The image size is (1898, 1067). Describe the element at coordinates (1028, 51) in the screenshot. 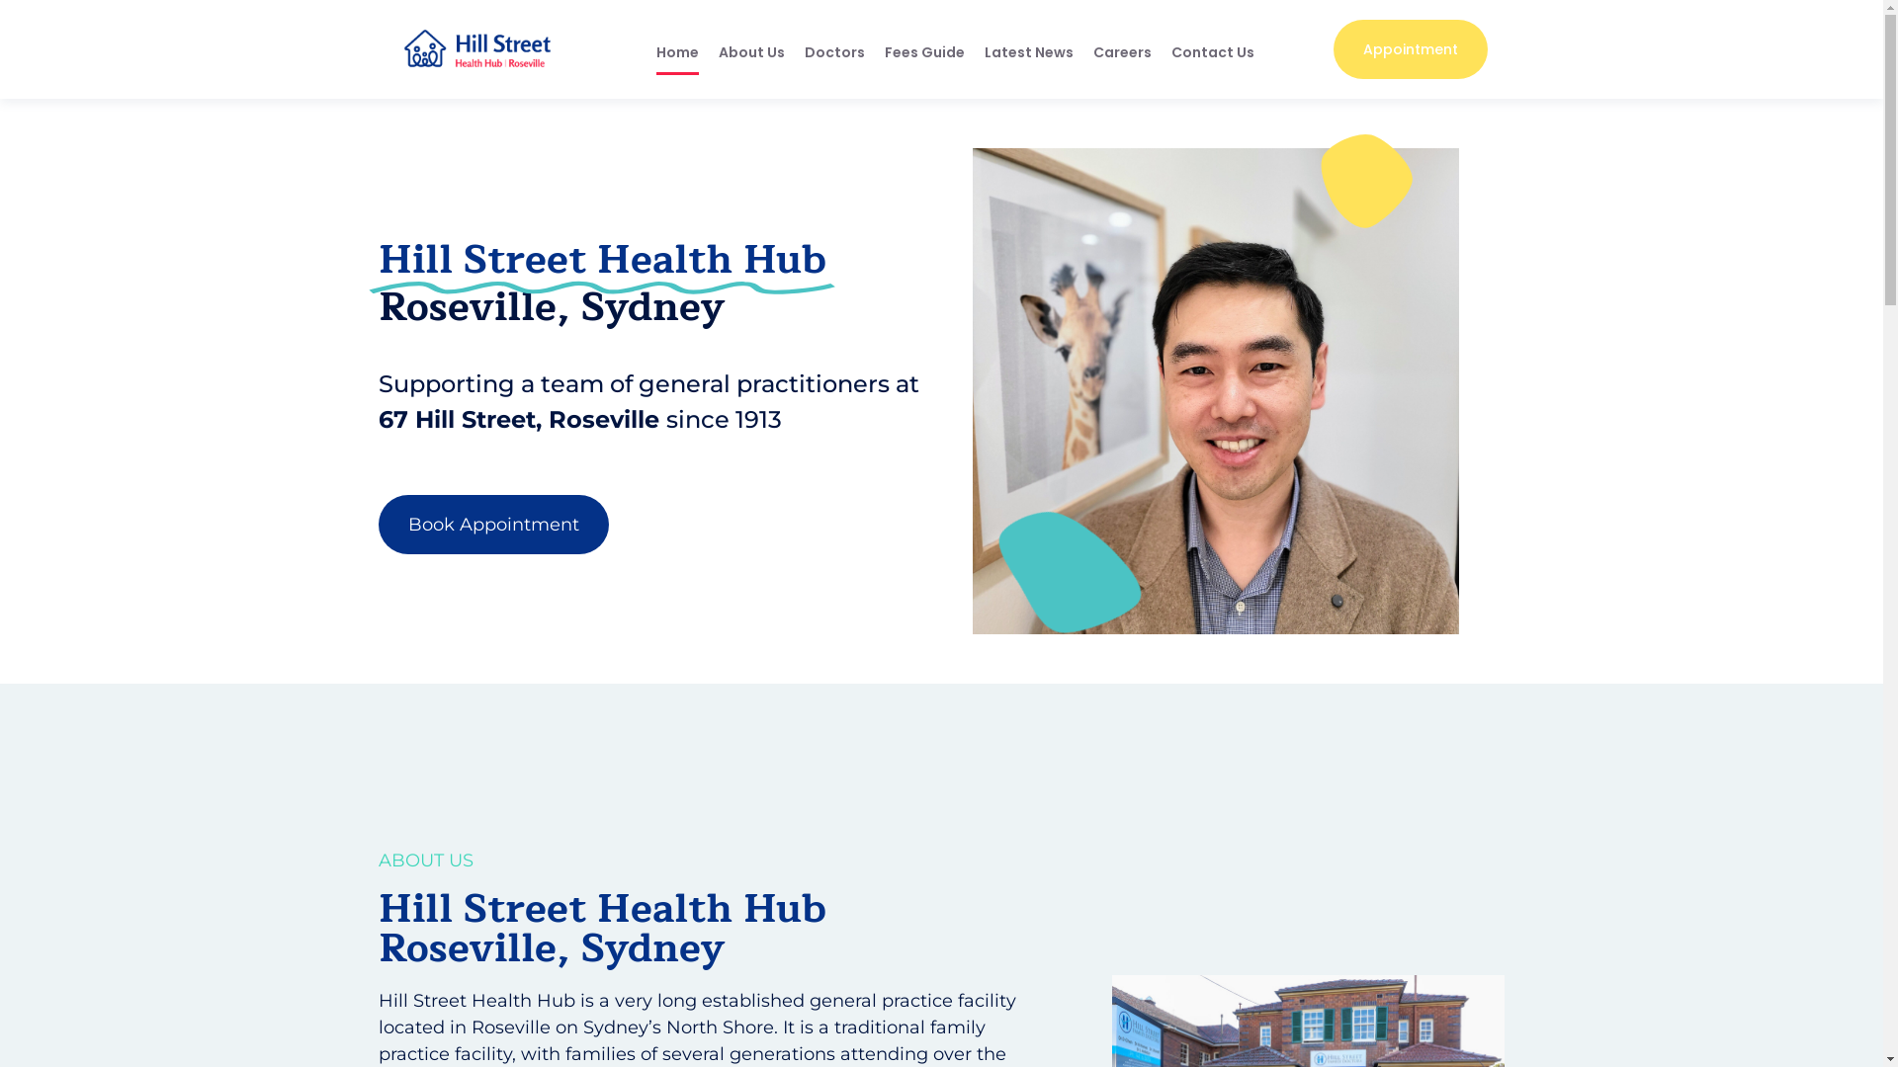

I see `'Latest News'` at that location.